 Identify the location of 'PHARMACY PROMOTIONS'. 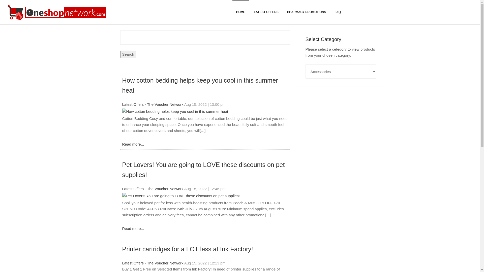
(306, 12).